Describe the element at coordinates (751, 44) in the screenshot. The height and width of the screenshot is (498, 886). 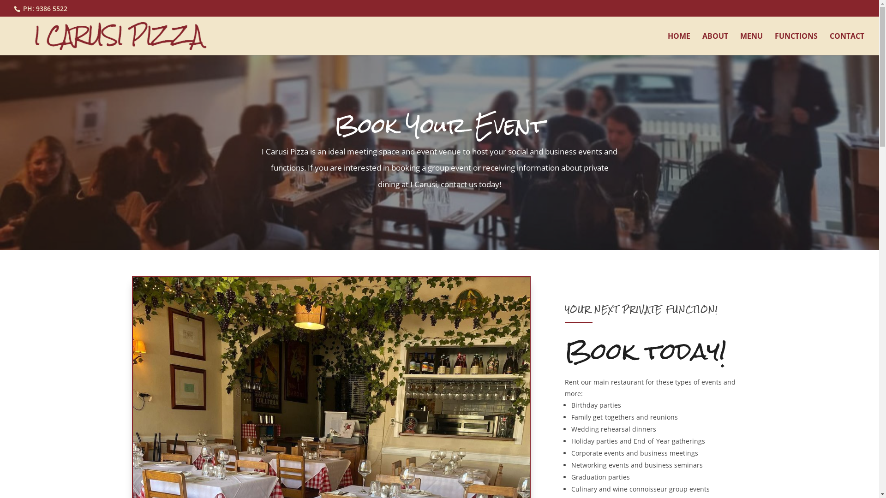
I see `'MENU'` at that location.